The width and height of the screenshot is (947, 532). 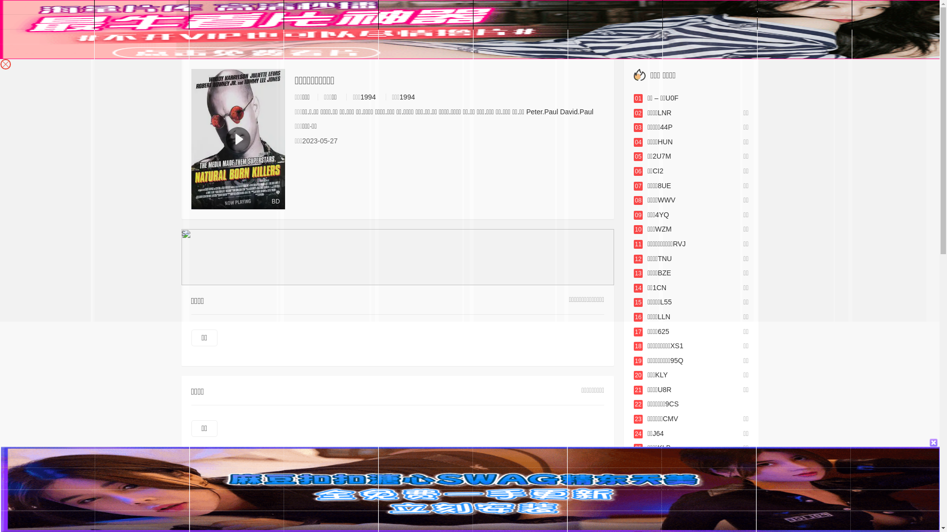 What do you see at coordinates (577, 111) in the screenshot?
I see `'David.Paul'` at bounding box center [577, 111].